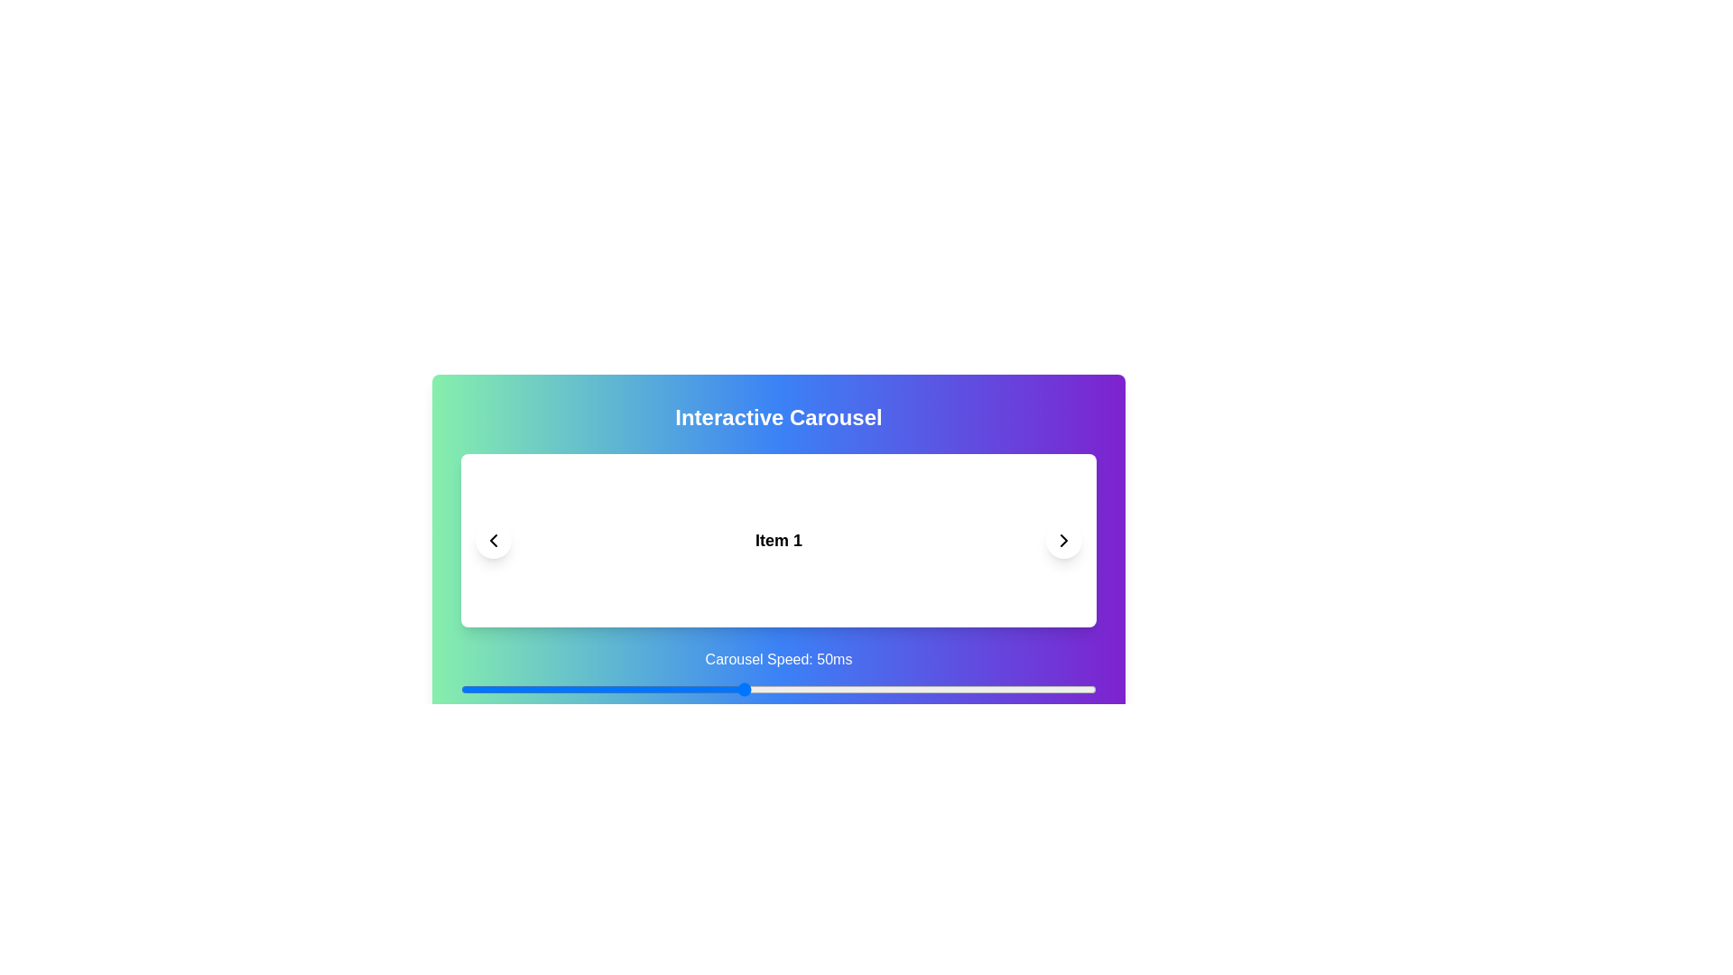 This screenshot has width=1733, height=975. What do you see at coordinates (920, 689) in the screenshot?
I see `the carousel speed slider to 75 ms` at bounding box center [920, 689].